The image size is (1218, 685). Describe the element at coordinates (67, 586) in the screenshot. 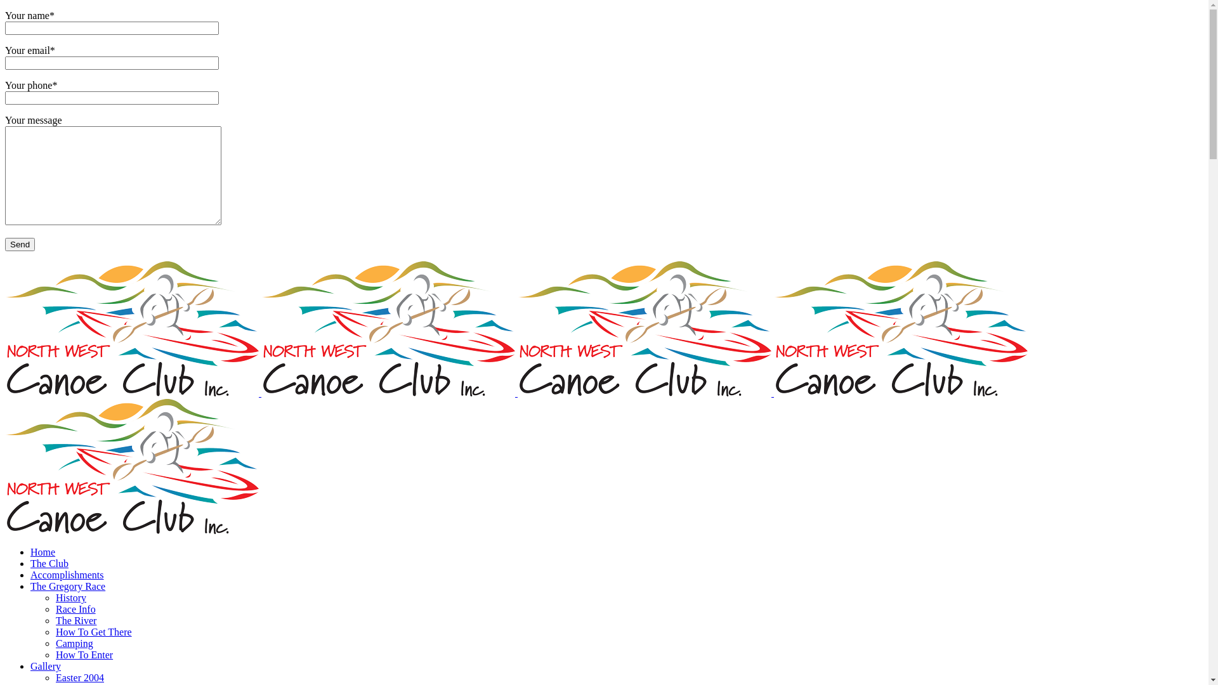

I see `'The Gregory Race'` at that location.